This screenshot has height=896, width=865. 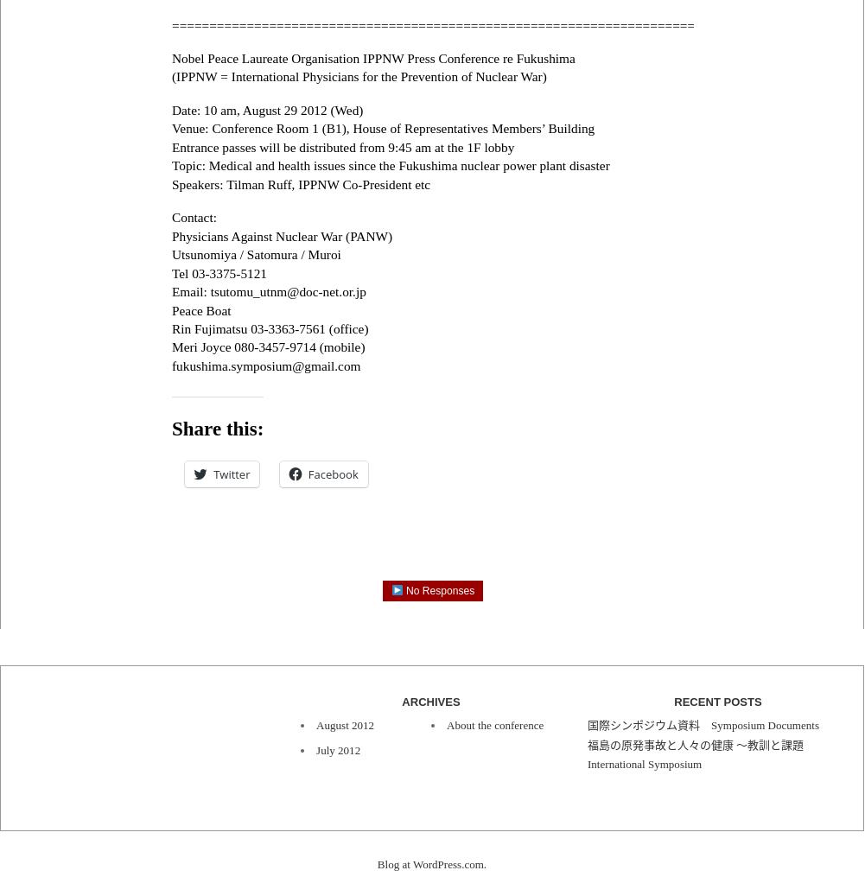 What do you see at coordinates (301, 182) in the screenshot?
I see `'Speakers: Tilman Ruff, IPPNW Co-President etc'` at bounding box center [301, 182].